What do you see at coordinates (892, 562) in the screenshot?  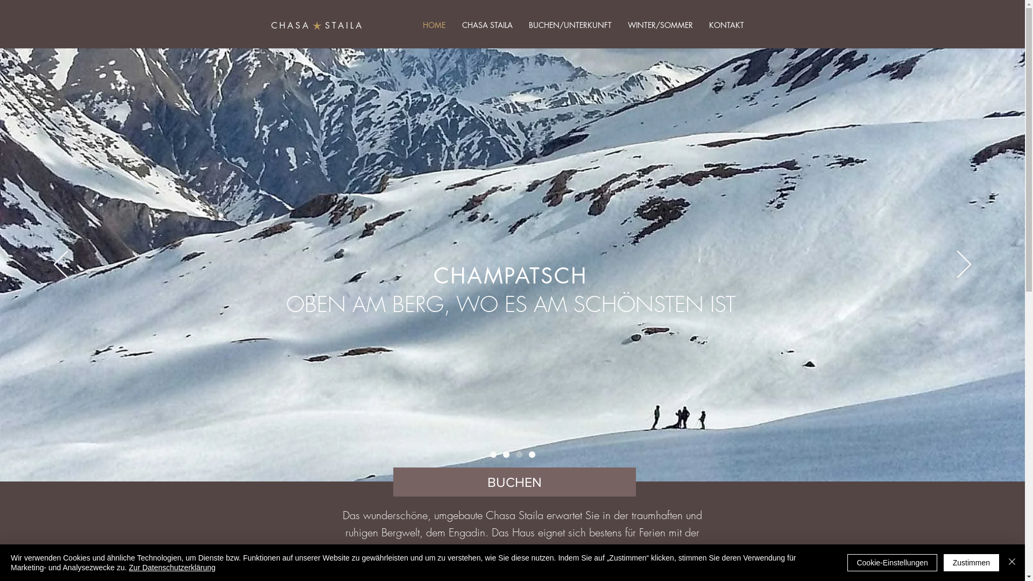 I see `'Cookie-Einstellungen'` at bounding box center [892, 562].